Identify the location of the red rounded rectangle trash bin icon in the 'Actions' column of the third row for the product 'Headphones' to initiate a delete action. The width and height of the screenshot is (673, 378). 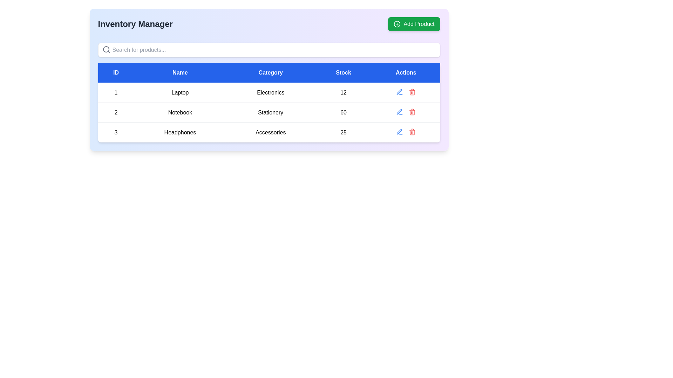
(412, 112).